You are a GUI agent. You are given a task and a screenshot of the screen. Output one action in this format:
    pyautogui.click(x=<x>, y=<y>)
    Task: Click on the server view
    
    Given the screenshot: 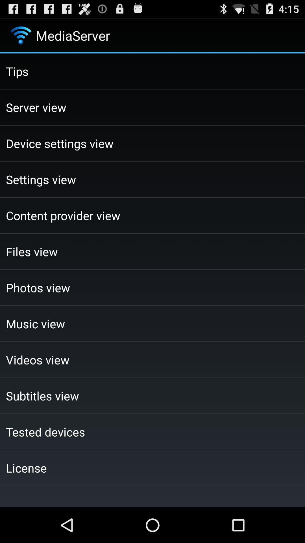 What is the action you would take?
    pyautogui.click(x=152, y=107)
    